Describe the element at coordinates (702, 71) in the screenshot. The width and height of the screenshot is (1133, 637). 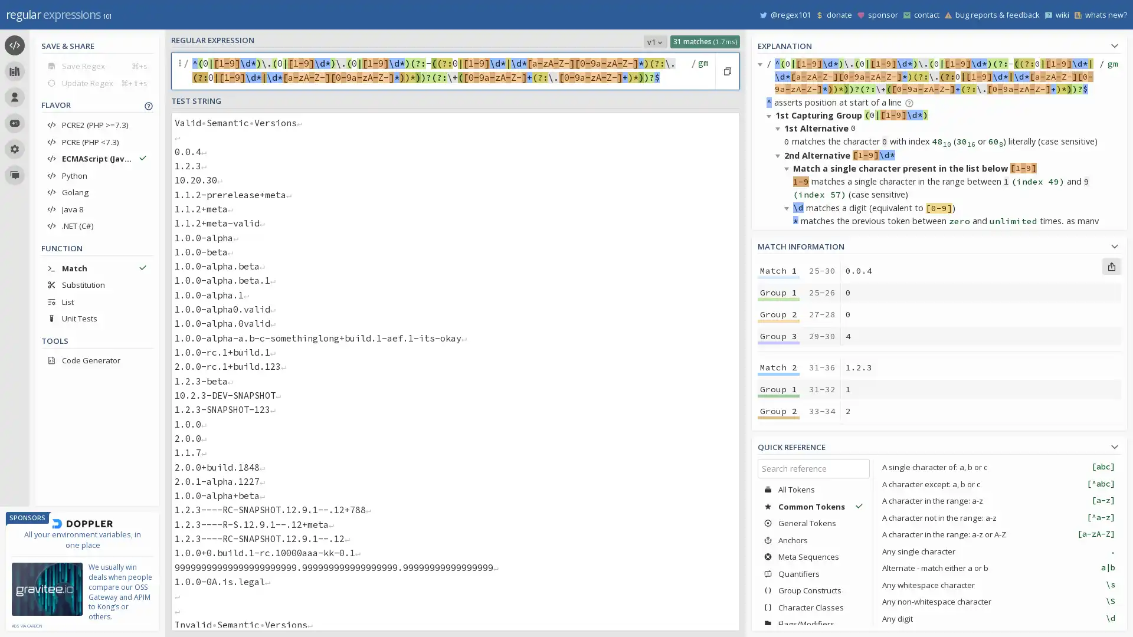
I see `Set Regex Options` at that location.